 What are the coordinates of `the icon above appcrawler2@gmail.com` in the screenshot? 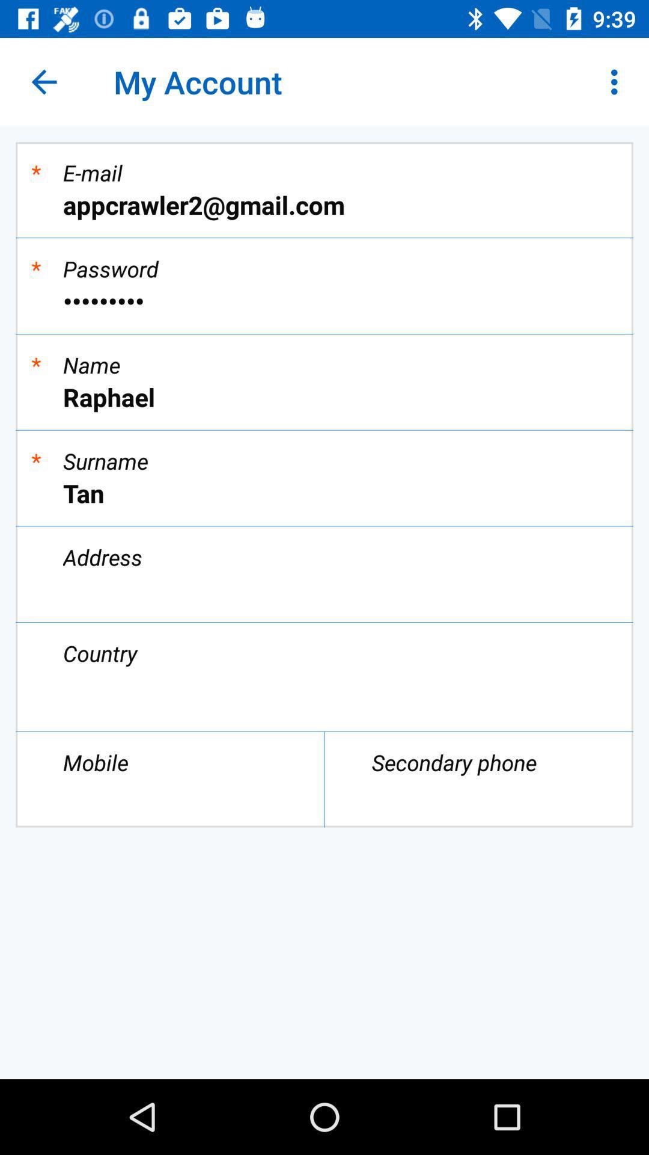 It's located at (617, 81).